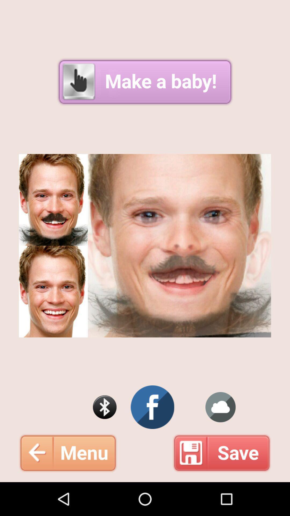  What do you see at coordinates (145, 81) in the screenshot?
I see `make a baby! icon` at bounding box center [145, 81].